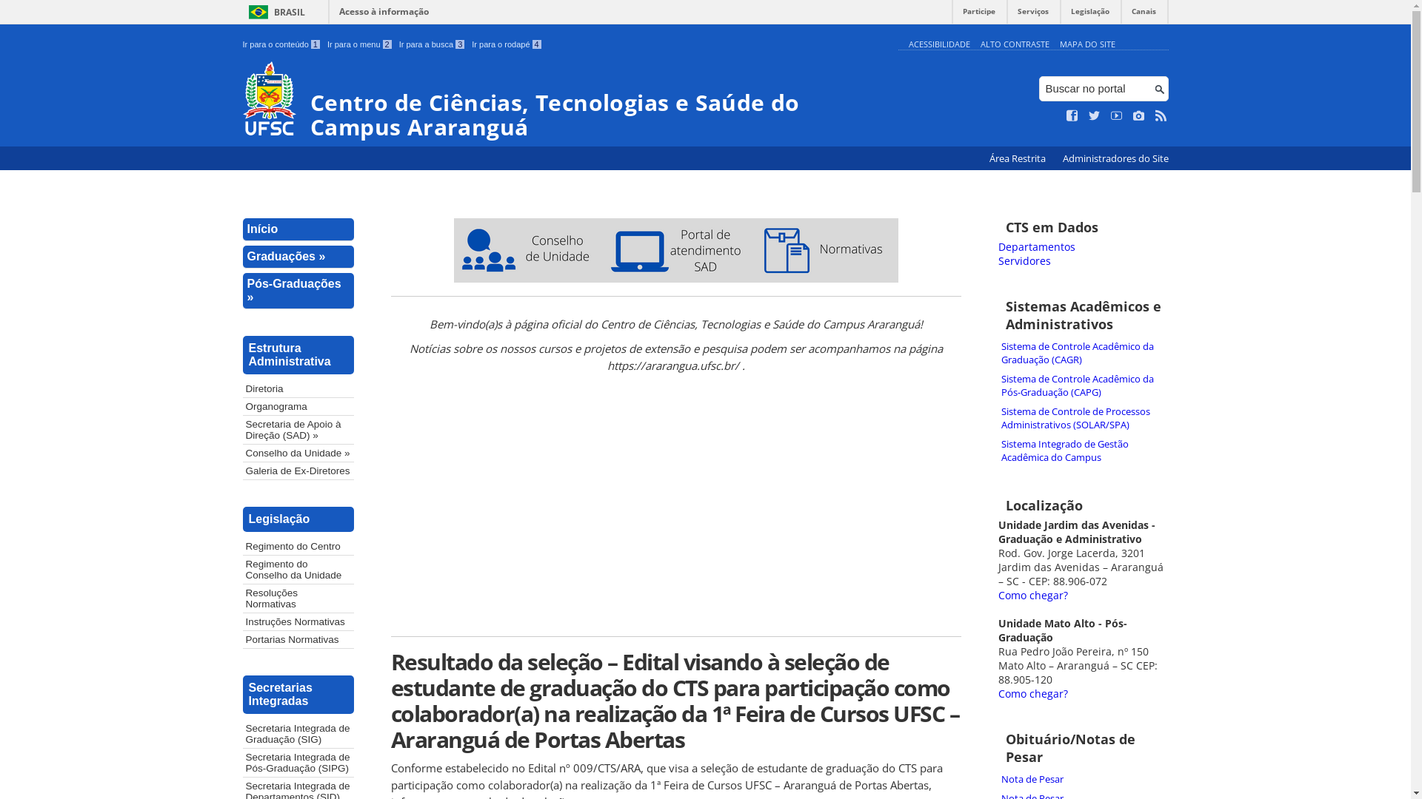 This screenshot has height=799, width=1422. I want to click on 'Participe', so click(978, 15).